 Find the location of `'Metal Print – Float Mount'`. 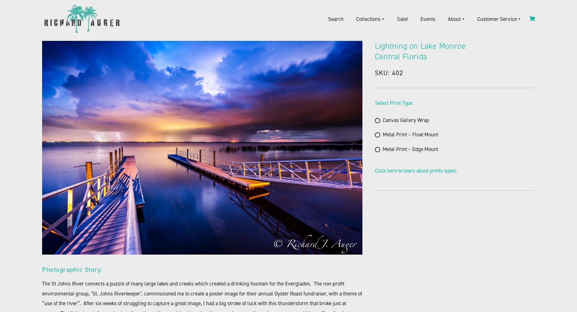

'Metal Print – Float Mount' is located at coordinates (410, 134).